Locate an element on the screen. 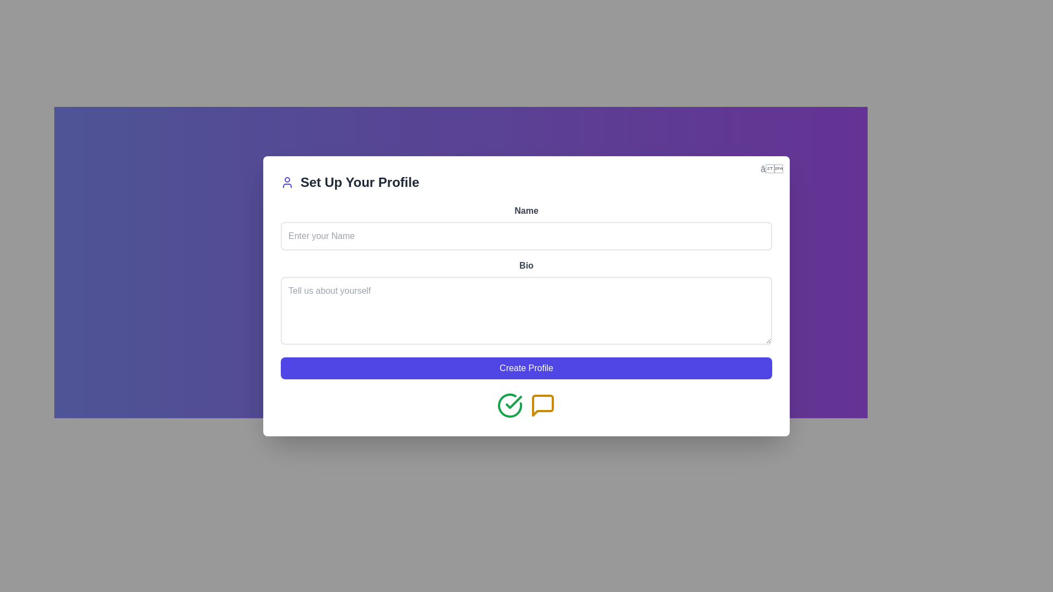  text from the text label displaying 'Set Up Your Profile' in large, bold font, located on a white card structure against a purple gradient background is located at coordinates (360, 181).